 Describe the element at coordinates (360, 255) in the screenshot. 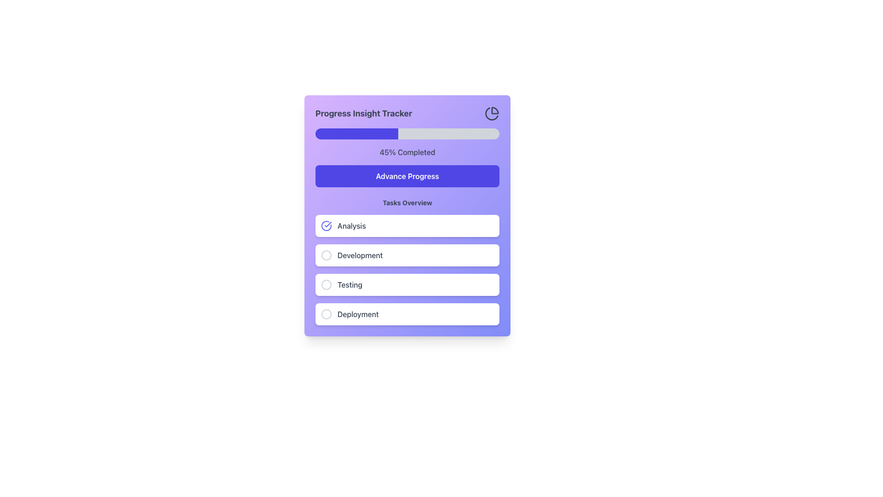

I see `the Text Label that describes the task in the task management interface, located to the right of a circular icon in the second item under the 'Tasks Overview' section` at that location.